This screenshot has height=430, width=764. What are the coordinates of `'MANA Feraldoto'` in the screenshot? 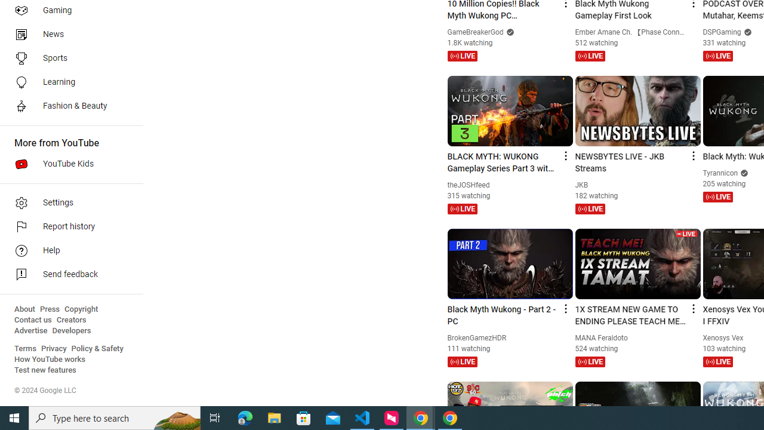 It's located at (602, 338).